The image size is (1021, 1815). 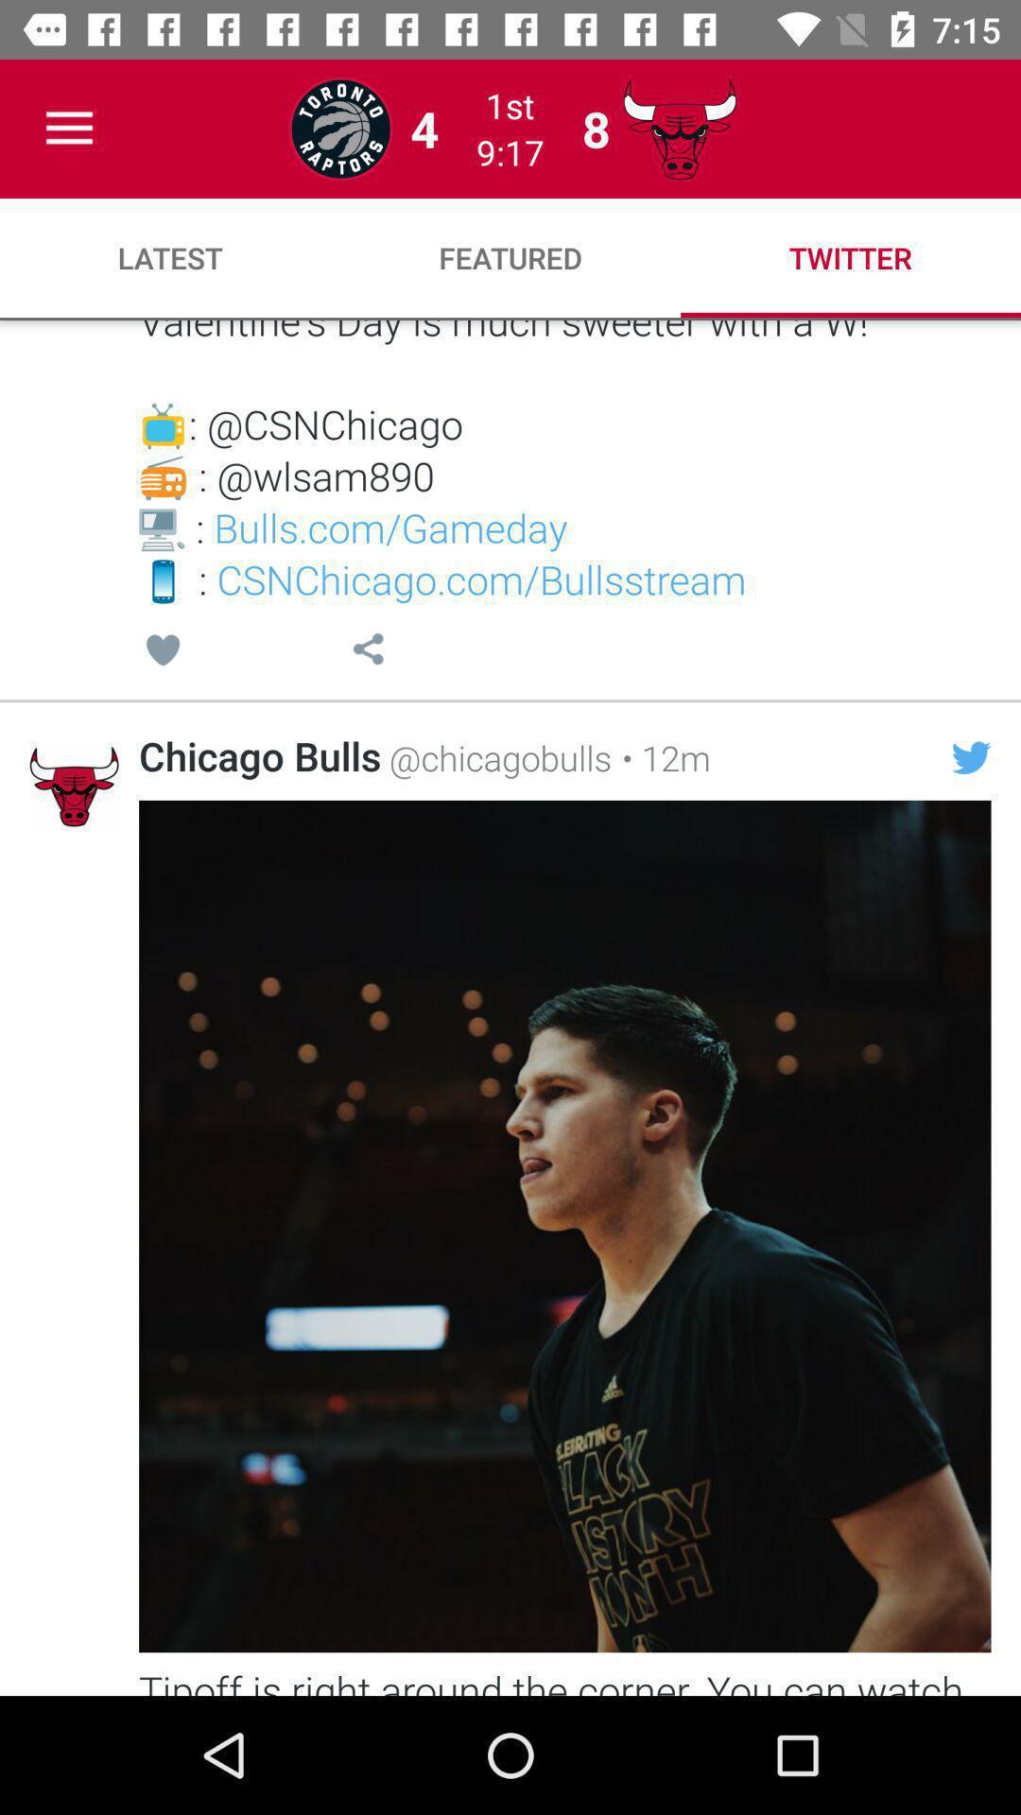 What do you see at coordinates (971, 757) in the screenshot?
I see `the item on the right` at bounding box center [971, 757].